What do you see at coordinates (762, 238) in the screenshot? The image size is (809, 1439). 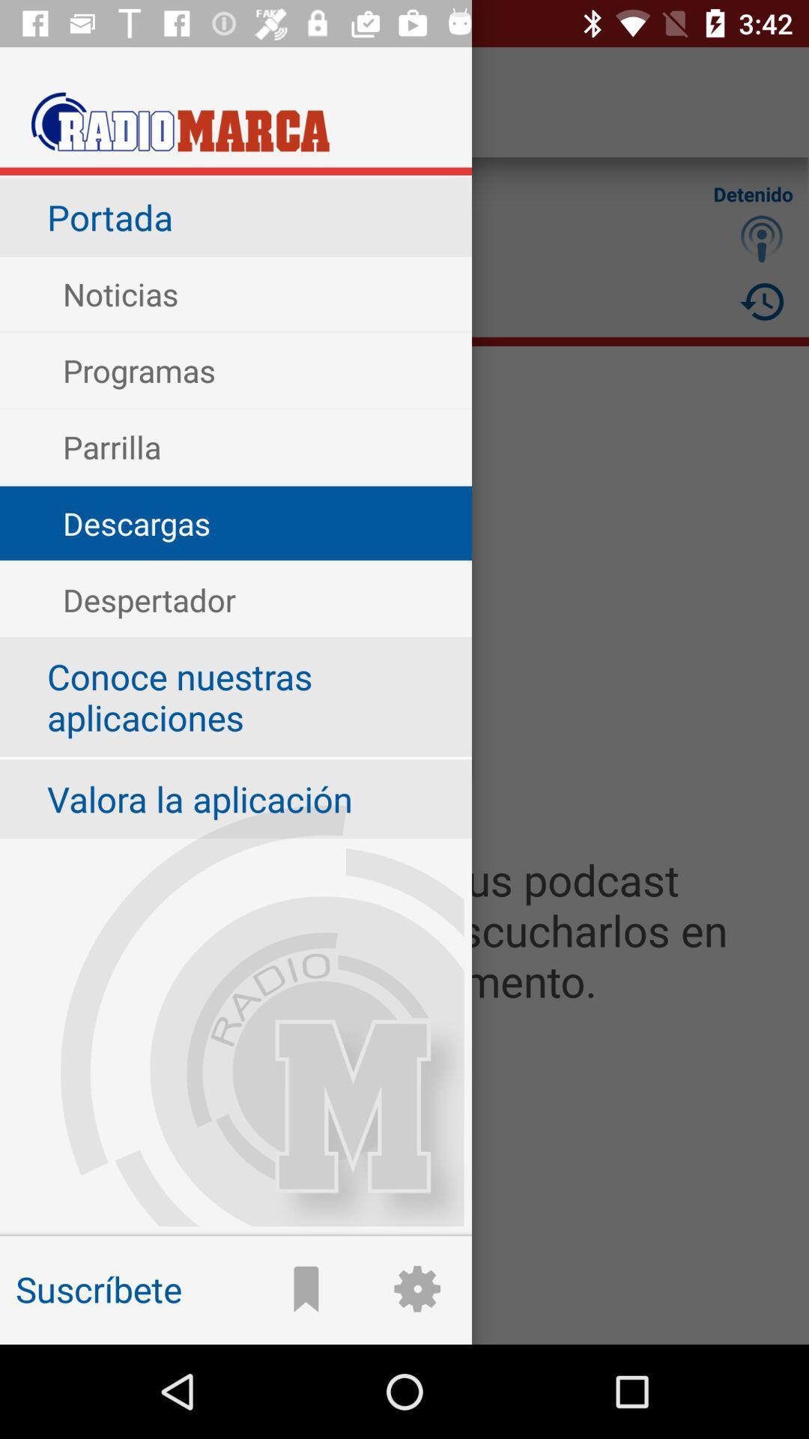 I see `the location icon` at bounding box center [762, 238].